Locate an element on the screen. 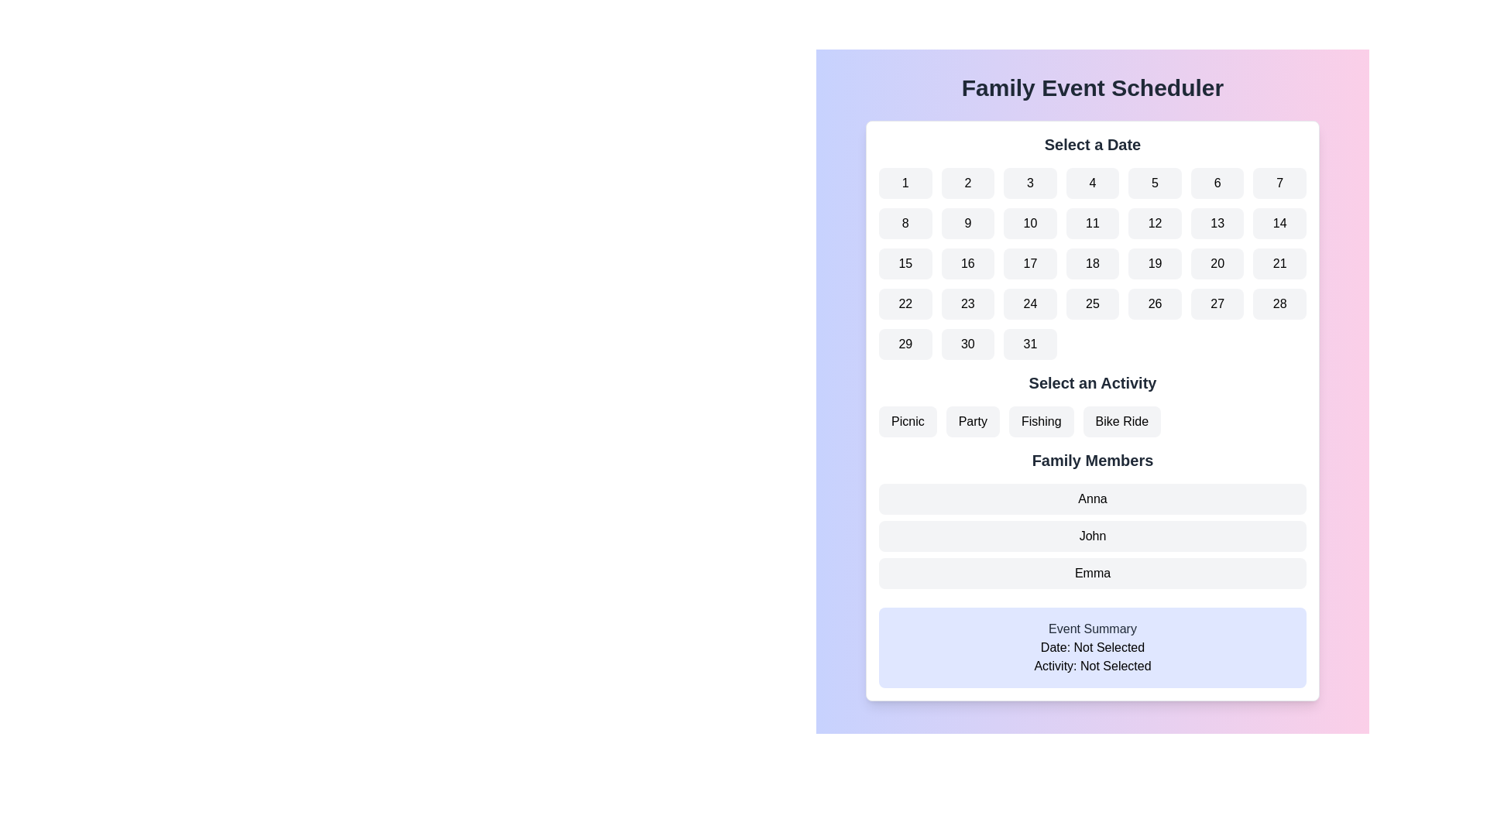 The width and height of the screenshot is (1487, 836). the List item labeled 'Emma', which is the third item in the 'Family Members' list is located at coordinates (1092, 573).